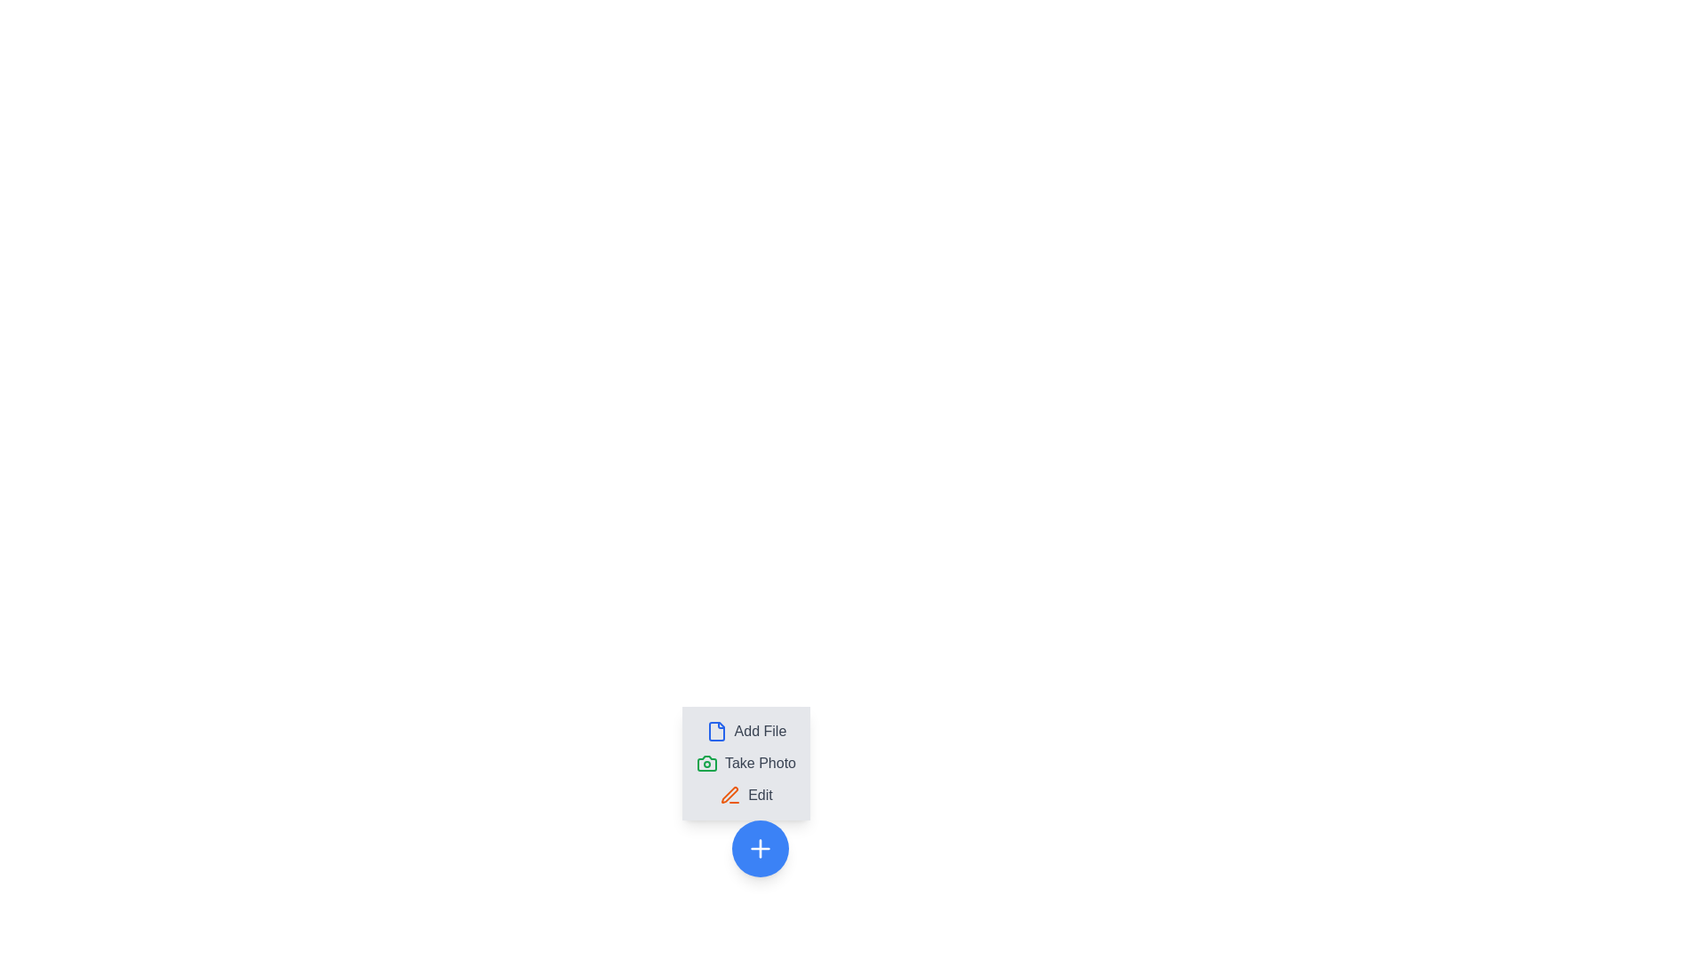  What do you see at coordinates (760, 848) in the screenshot?
I see `the circular blue button with a white plus icon located at the bottom right corner of the interactive toolbar, beneath the 'Edit' option` at bounding box center [760, 848].